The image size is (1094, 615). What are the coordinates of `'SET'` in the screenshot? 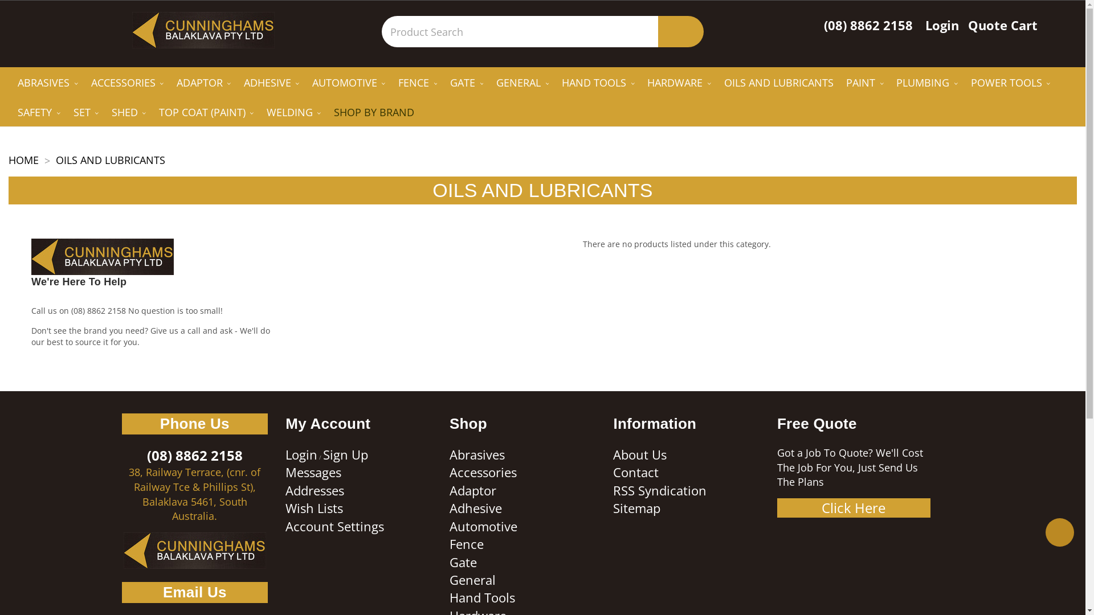 It's located at (85, 113).